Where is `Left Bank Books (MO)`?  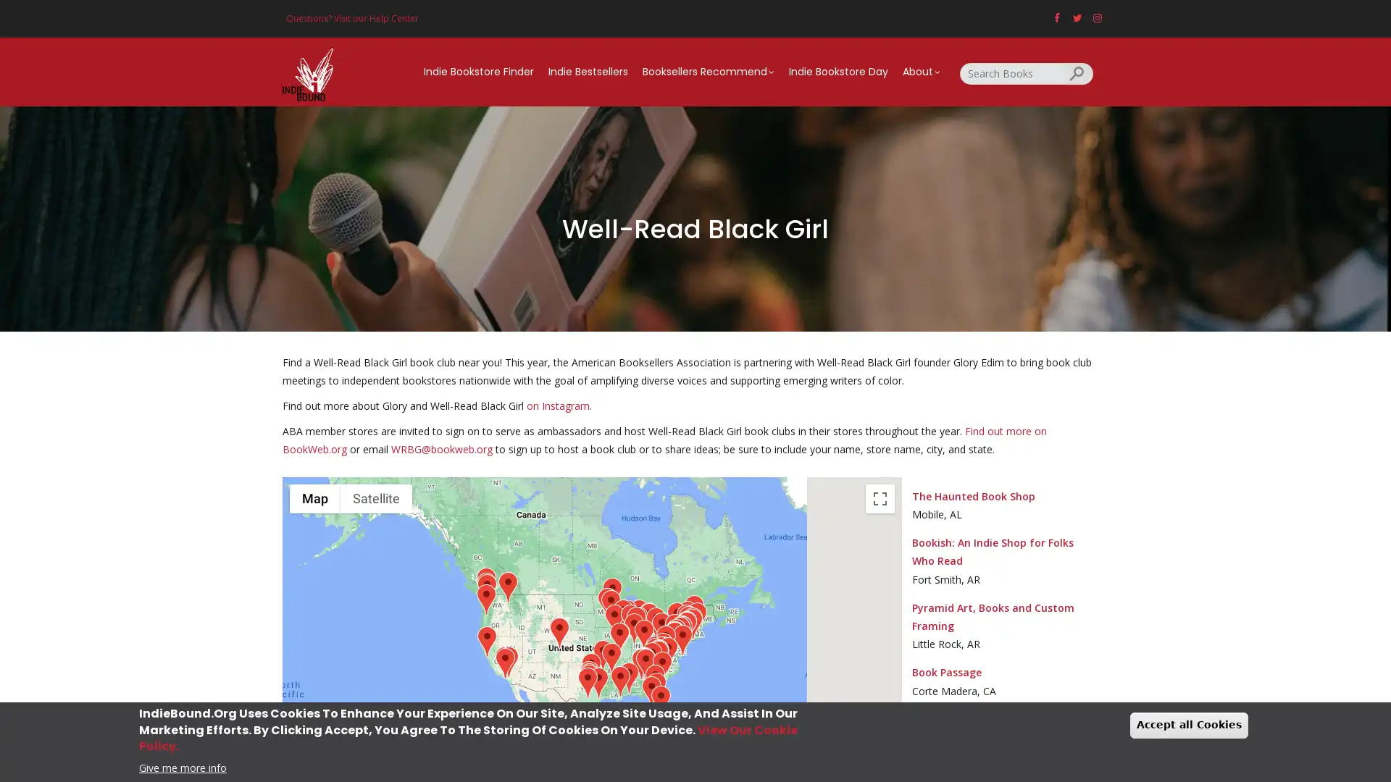 Left Bank Books (MO) is located at coordinates (619, 636).